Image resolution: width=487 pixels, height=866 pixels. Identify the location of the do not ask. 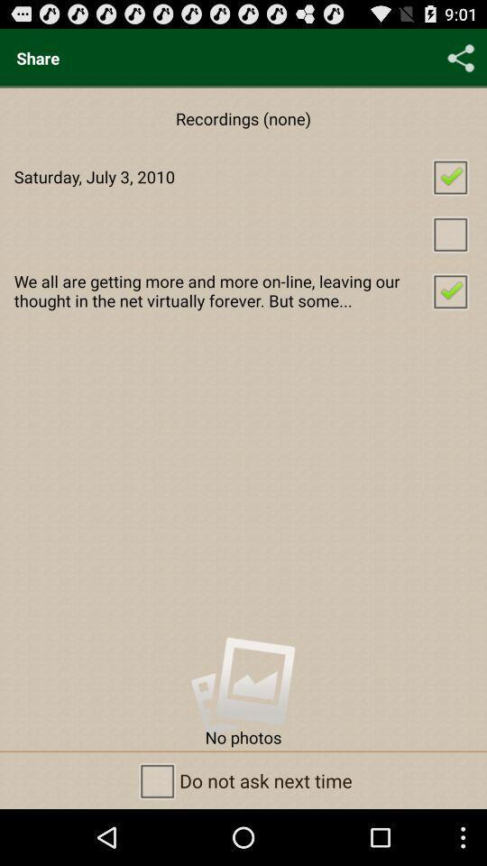
(243, 779).